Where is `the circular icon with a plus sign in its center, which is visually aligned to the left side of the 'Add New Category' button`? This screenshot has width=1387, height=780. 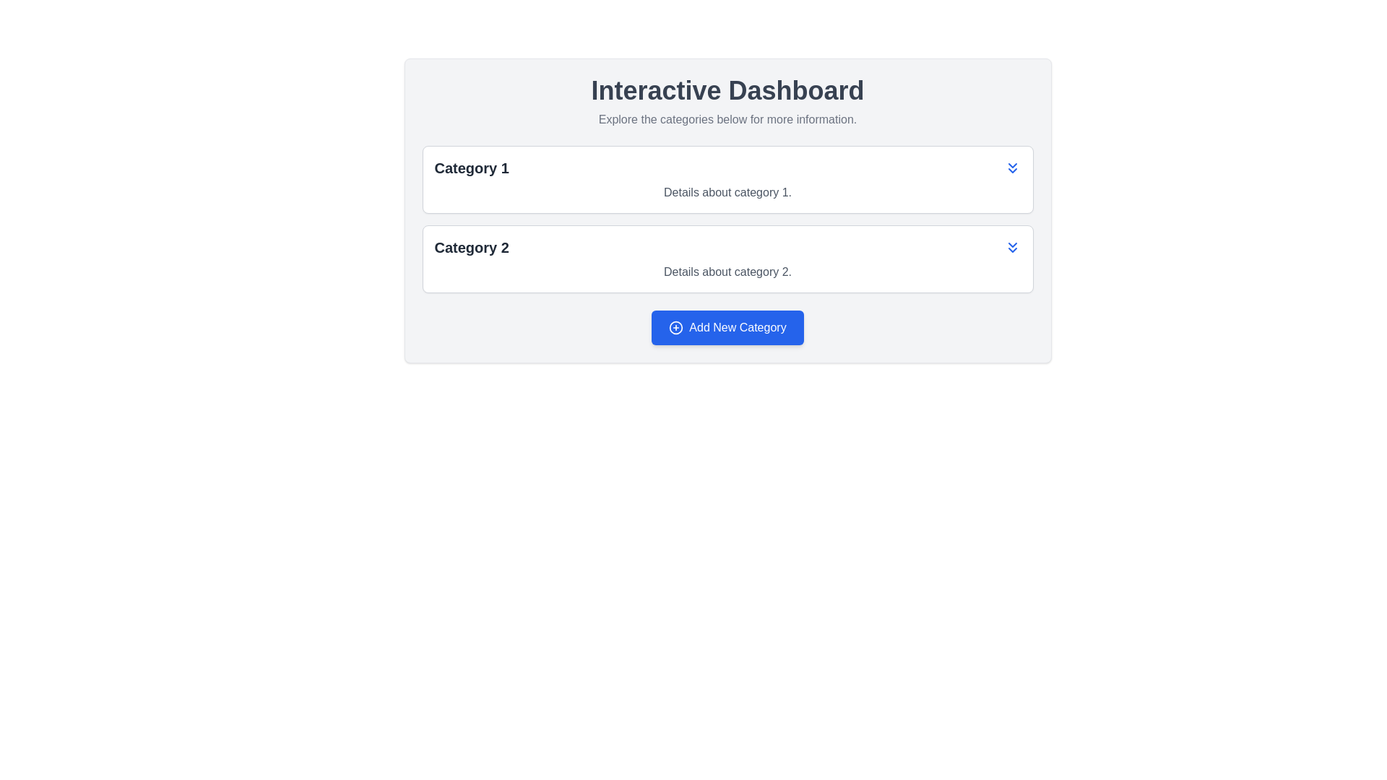 the circular icon with a plus sign in its center, which is visually aligned to the left side of the 'Add New Category' button is located at coordinates (675, 328).